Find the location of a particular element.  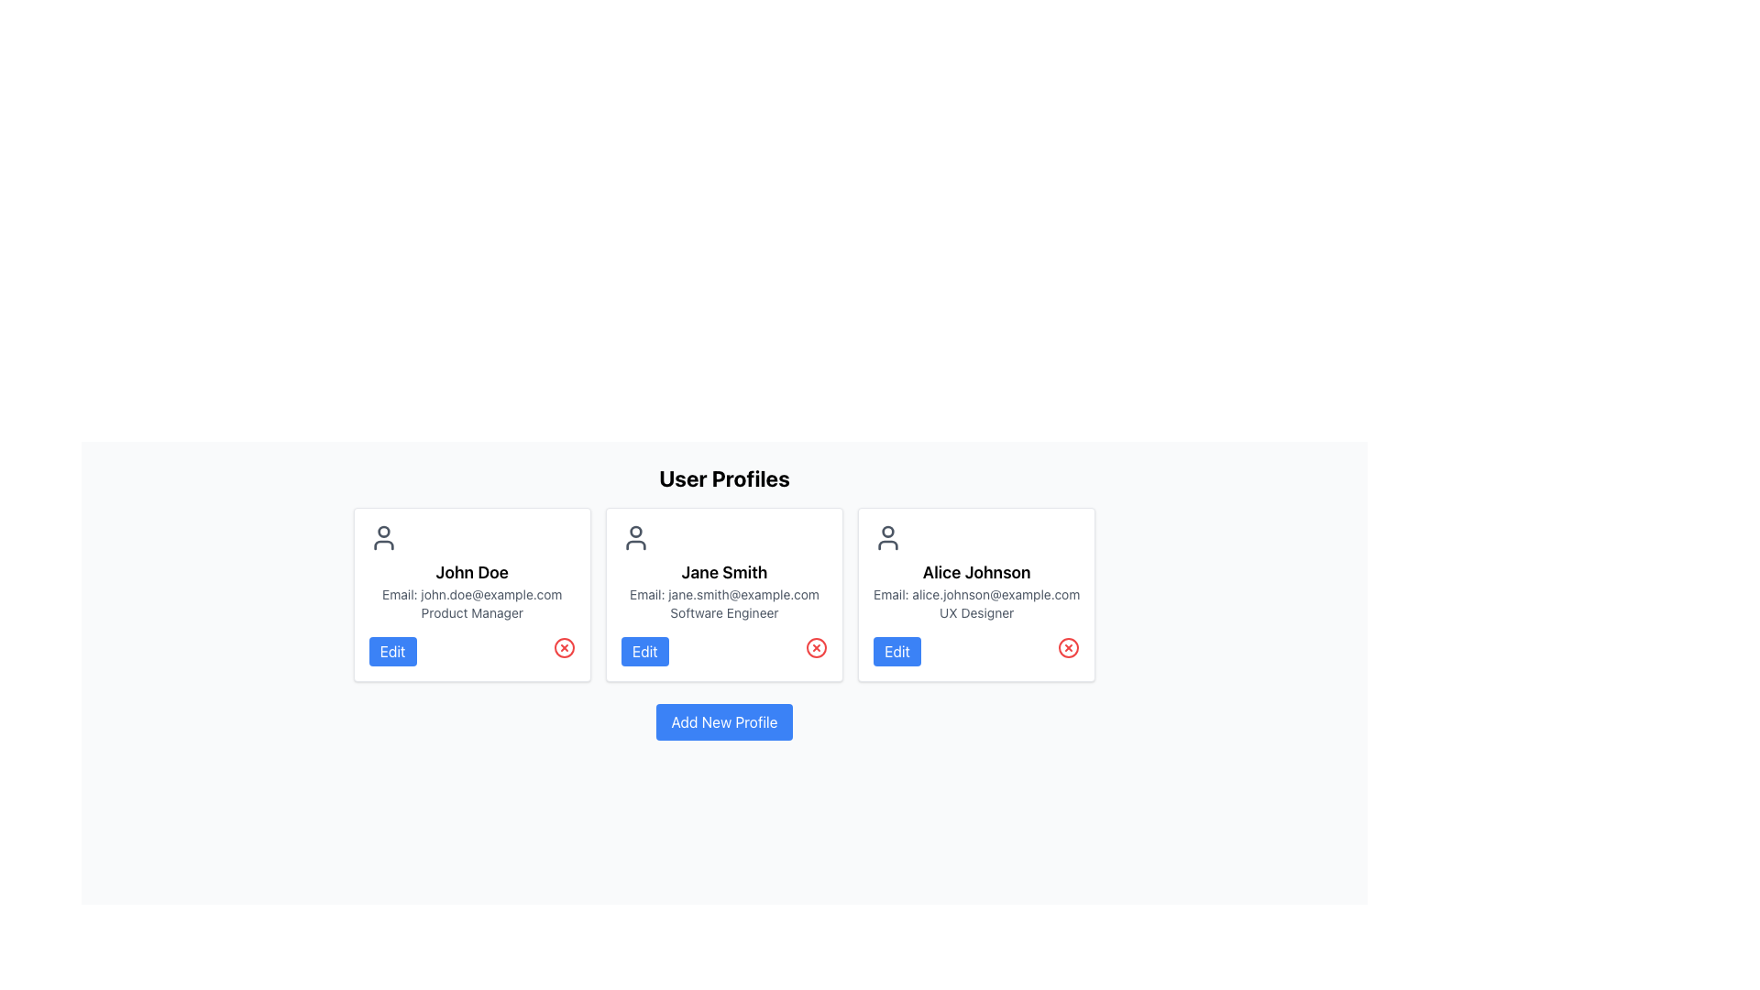

the 'Add New User Profile' button located at the bottom of the profiles grid is located at coordinates (723, 720).